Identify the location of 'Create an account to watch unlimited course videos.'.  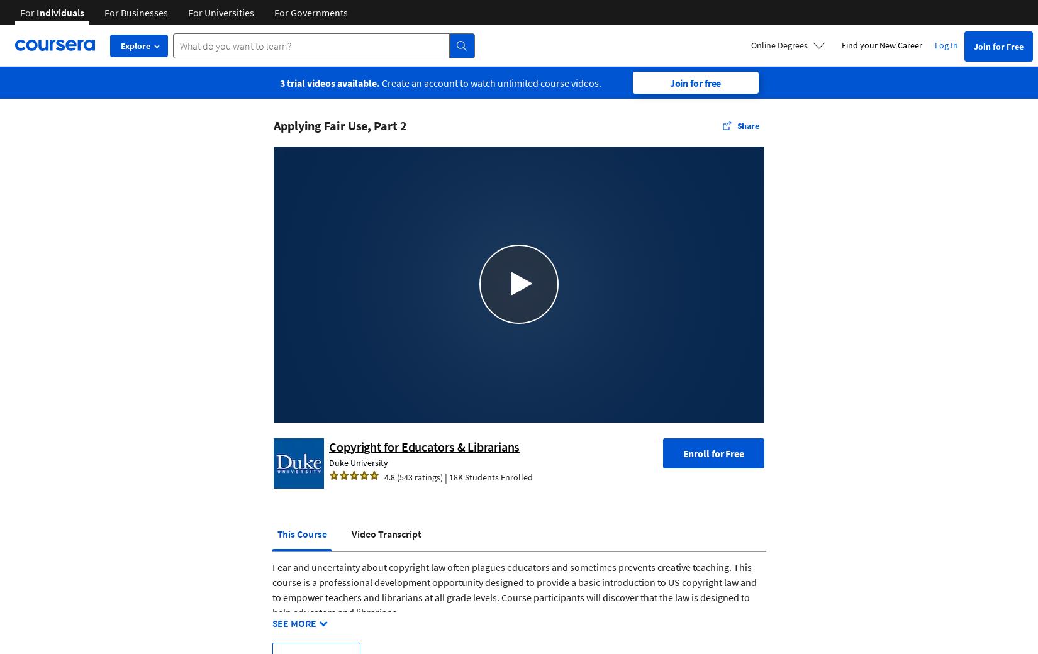
(490, 82).